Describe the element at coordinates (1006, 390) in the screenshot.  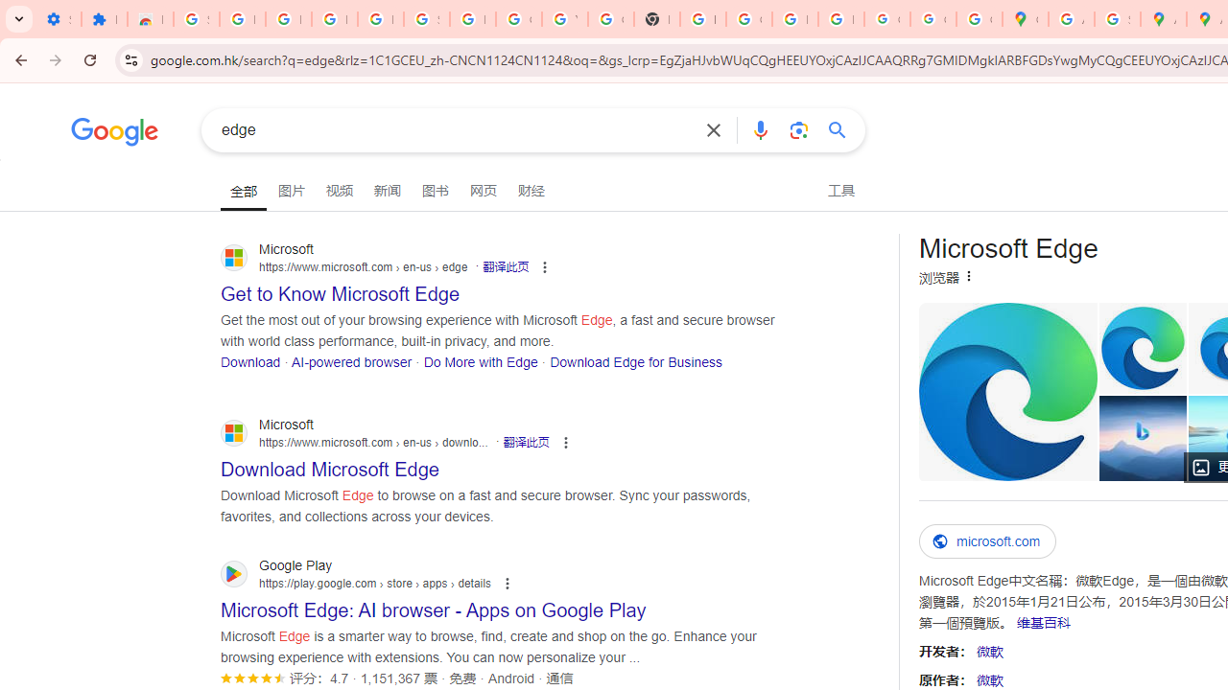
I see `'upload.wikimedia.org/wikipedia/commons/9/98/Micros...'` at that location.